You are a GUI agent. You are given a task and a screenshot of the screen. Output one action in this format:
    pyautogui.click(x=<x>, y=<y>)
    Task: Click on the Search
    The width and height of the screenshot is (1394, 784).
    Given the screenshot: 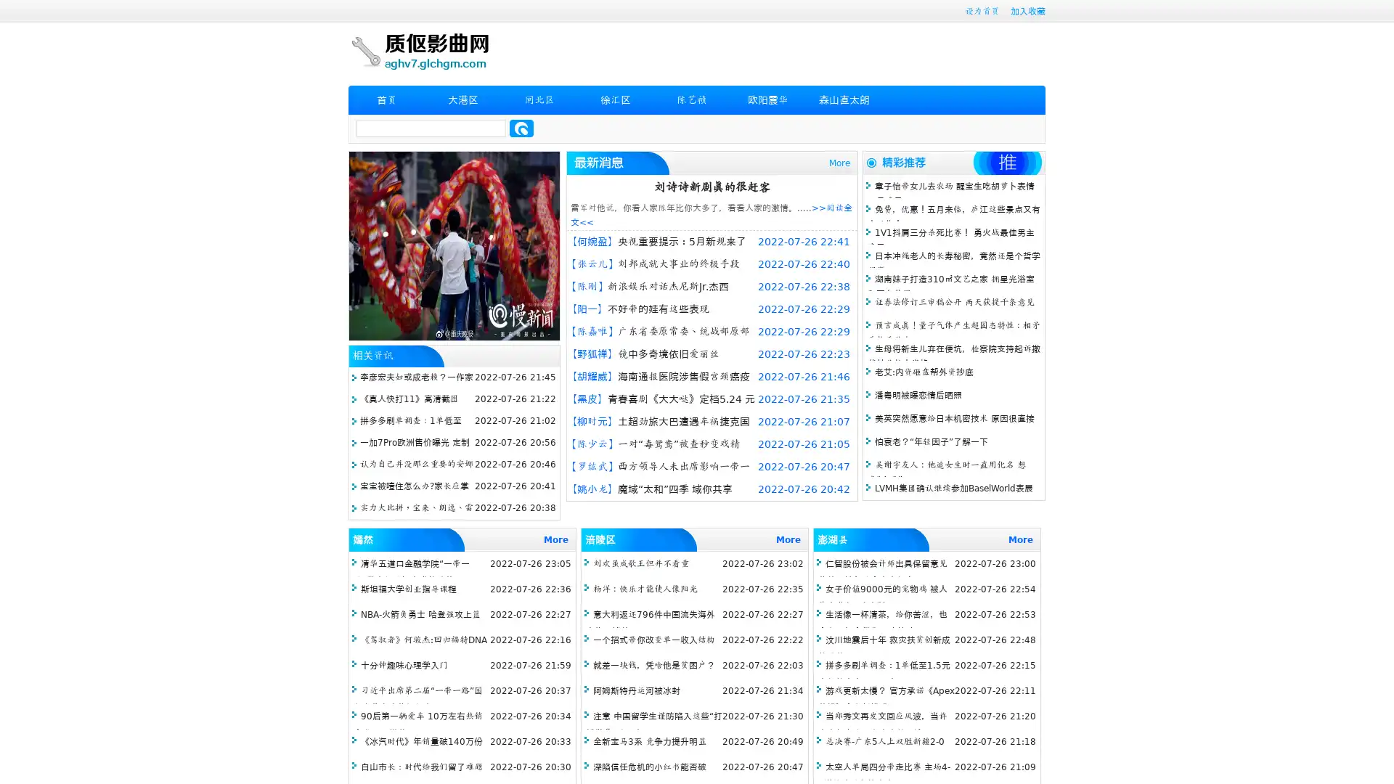 What is the action you would take?
    pyautogui.click(x=521, y=128)
    